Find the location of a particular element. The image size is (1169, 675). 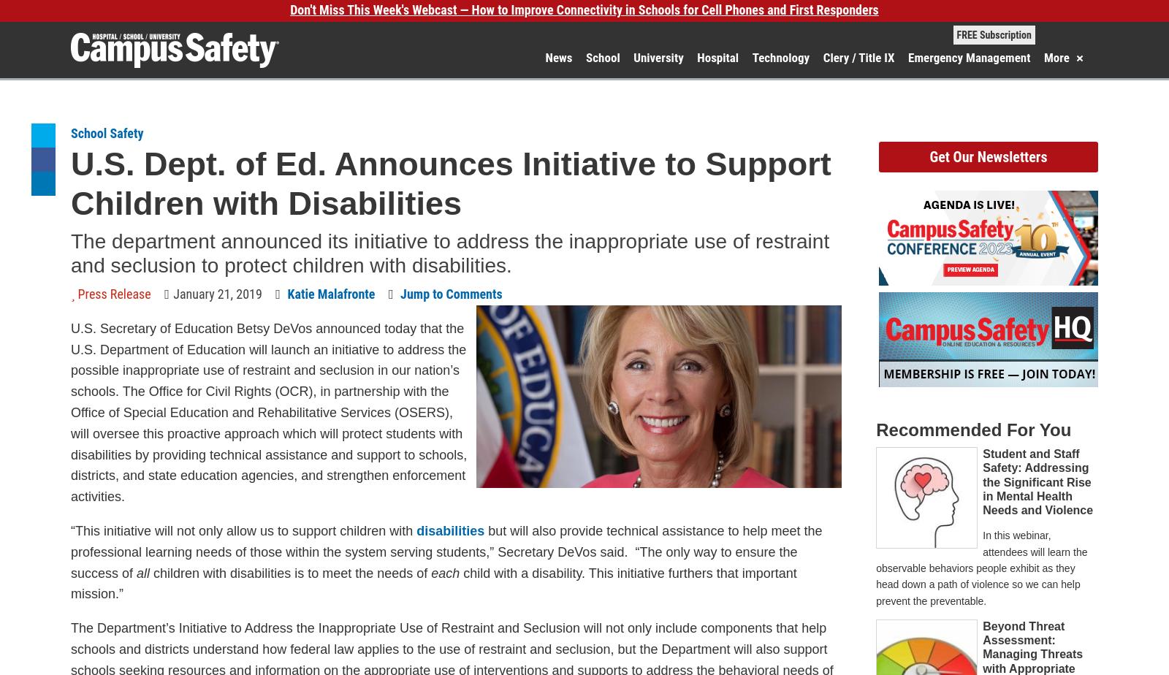

'U.S. Dept. of Ed. Announces Initiative to Support Children with Disabilities' is located at coordinates (450, 183).